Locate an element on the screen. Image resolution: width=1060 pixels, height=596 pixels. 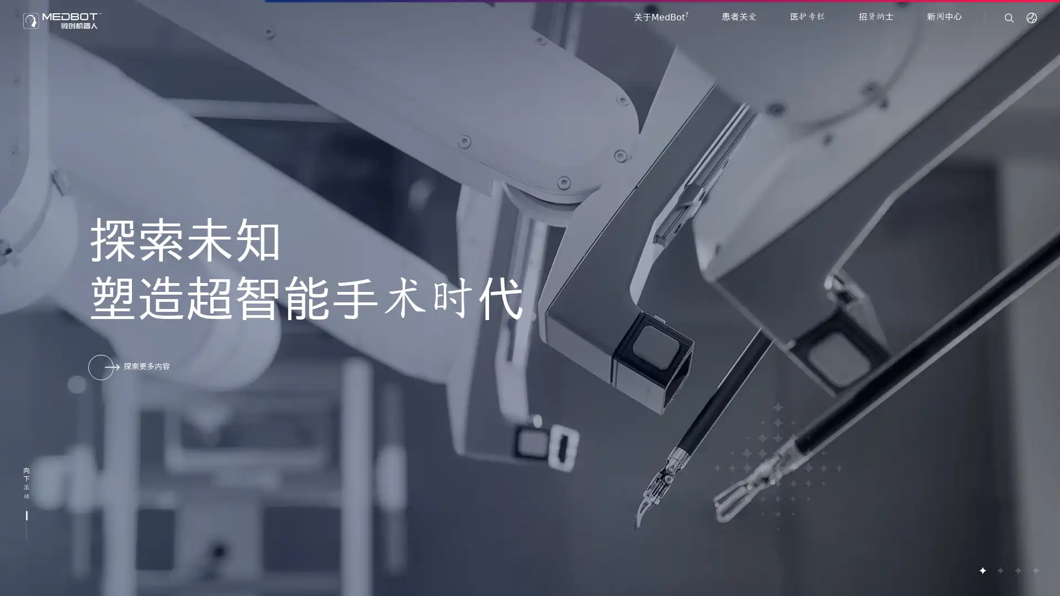
Go to slide 3 is located at coordinates (1017, 570).